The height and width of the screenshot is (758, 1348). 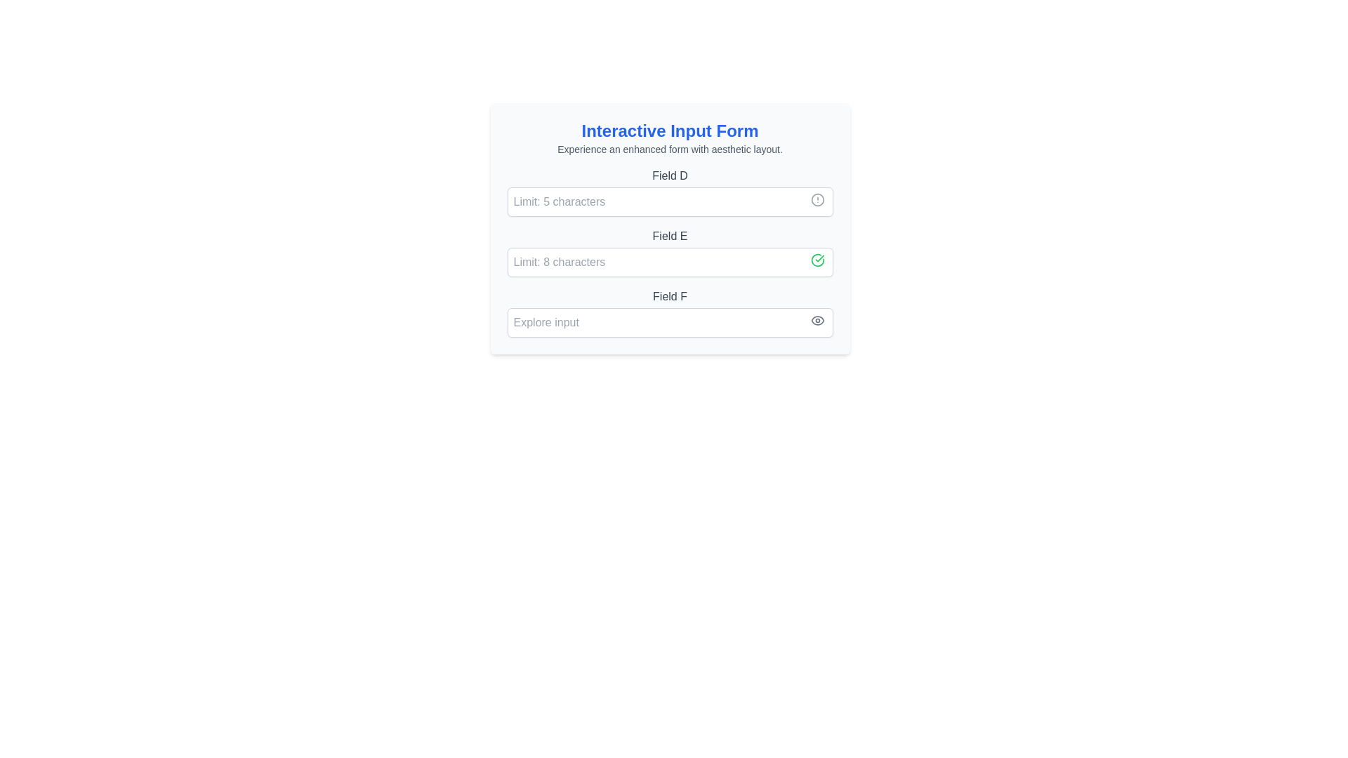 What do you see at coordinates (669, 235) in the screenshot?
I see `the static text label that provides descriptive information for the input field, located vertically between 'Field D' and 'Field F'` at bounding box center [669, 235].